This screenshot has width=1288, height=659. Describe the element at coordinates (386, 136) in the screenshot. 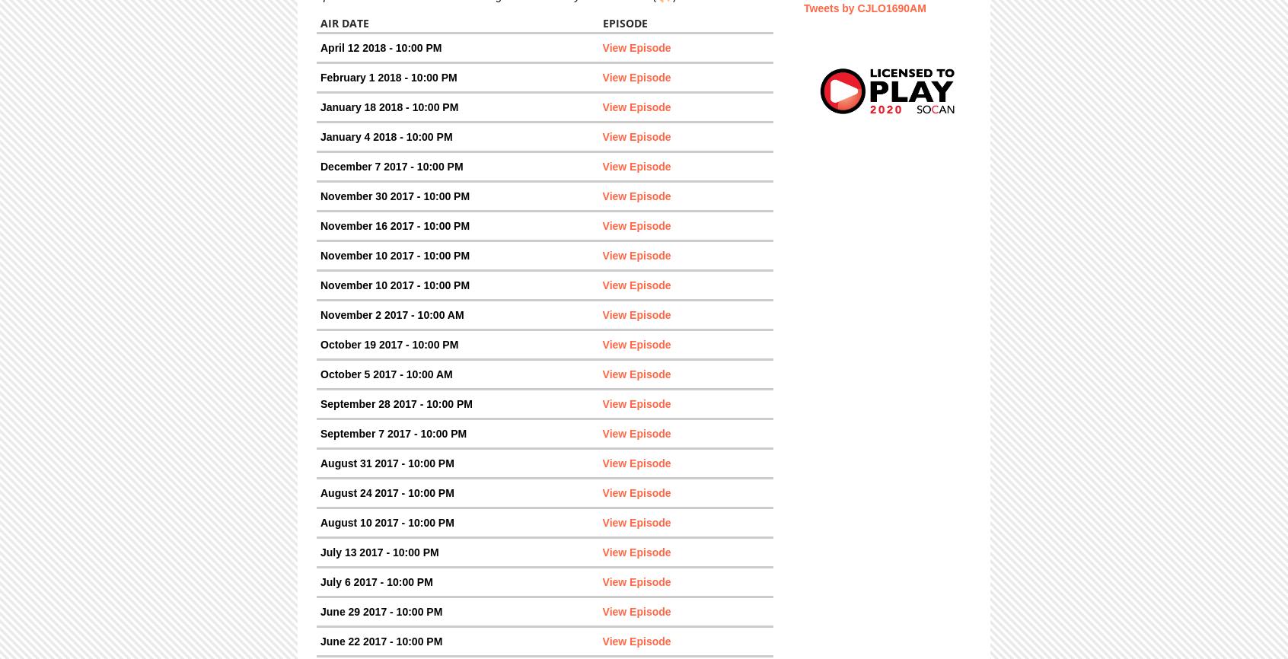

I see `'January 4 2018 - 10:00 PM'` at that location.